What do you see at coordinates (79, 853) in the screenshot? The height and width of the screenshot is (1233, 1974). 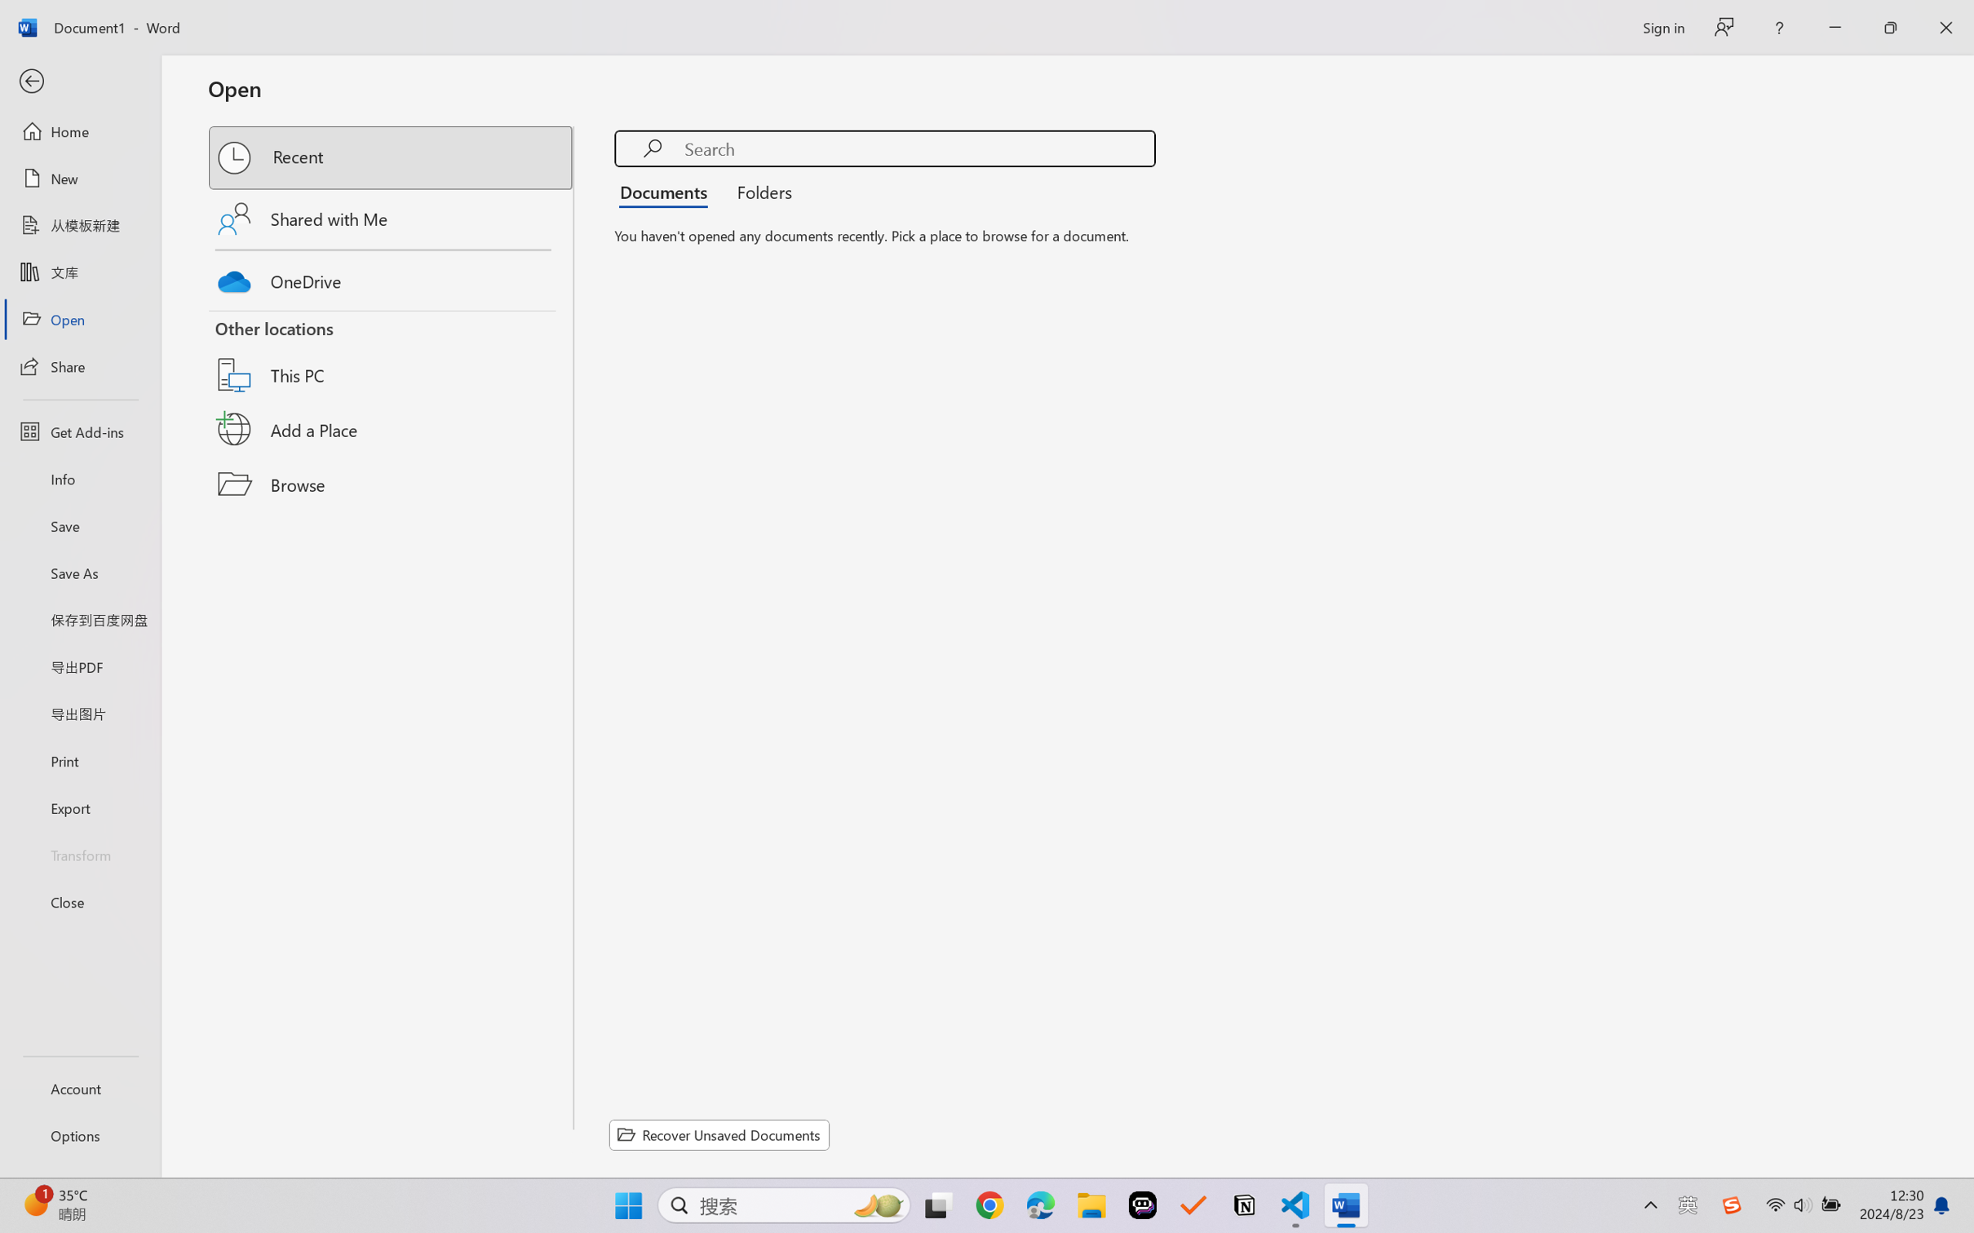 I see `'Transform'` at bounding box center [79, 853].